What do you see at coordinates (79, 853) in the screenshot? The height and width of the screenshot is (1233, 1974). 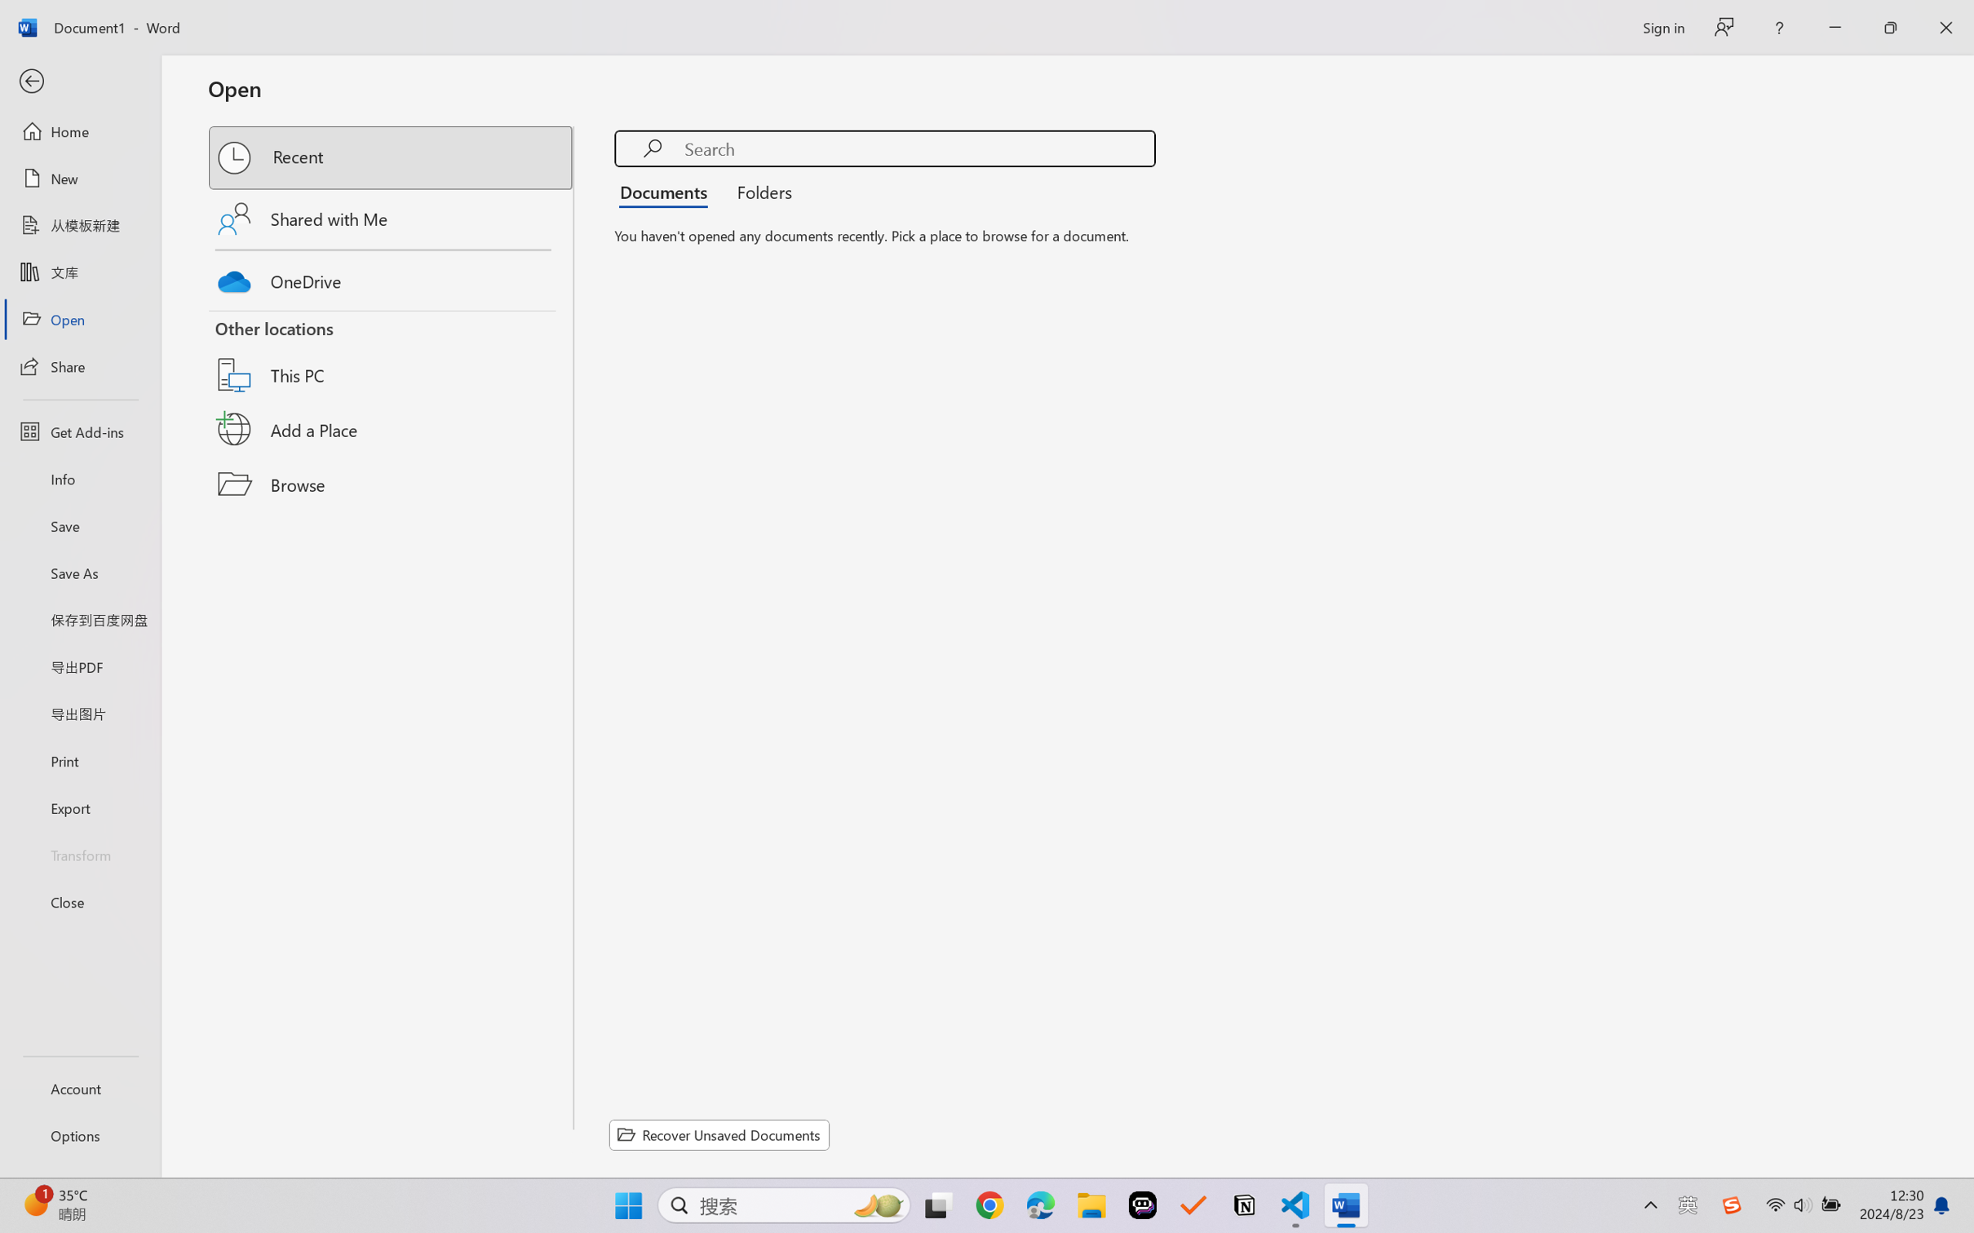 I see `'Transform'` at bounding box center [79, 853].